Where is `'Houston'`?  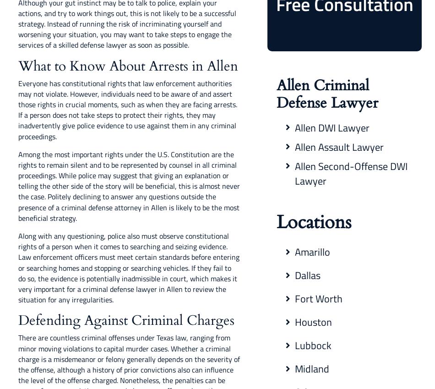 'Houston' is located at coordinates (313, 321).